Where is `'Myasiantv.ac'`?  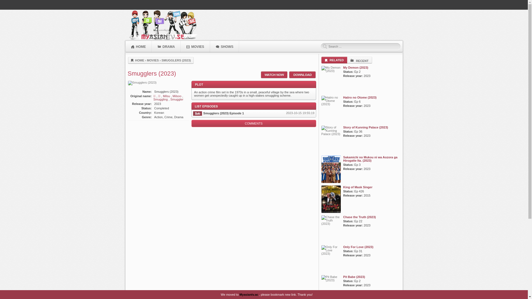
'Myasiantv.ac' is located at coordinates (248, 294).